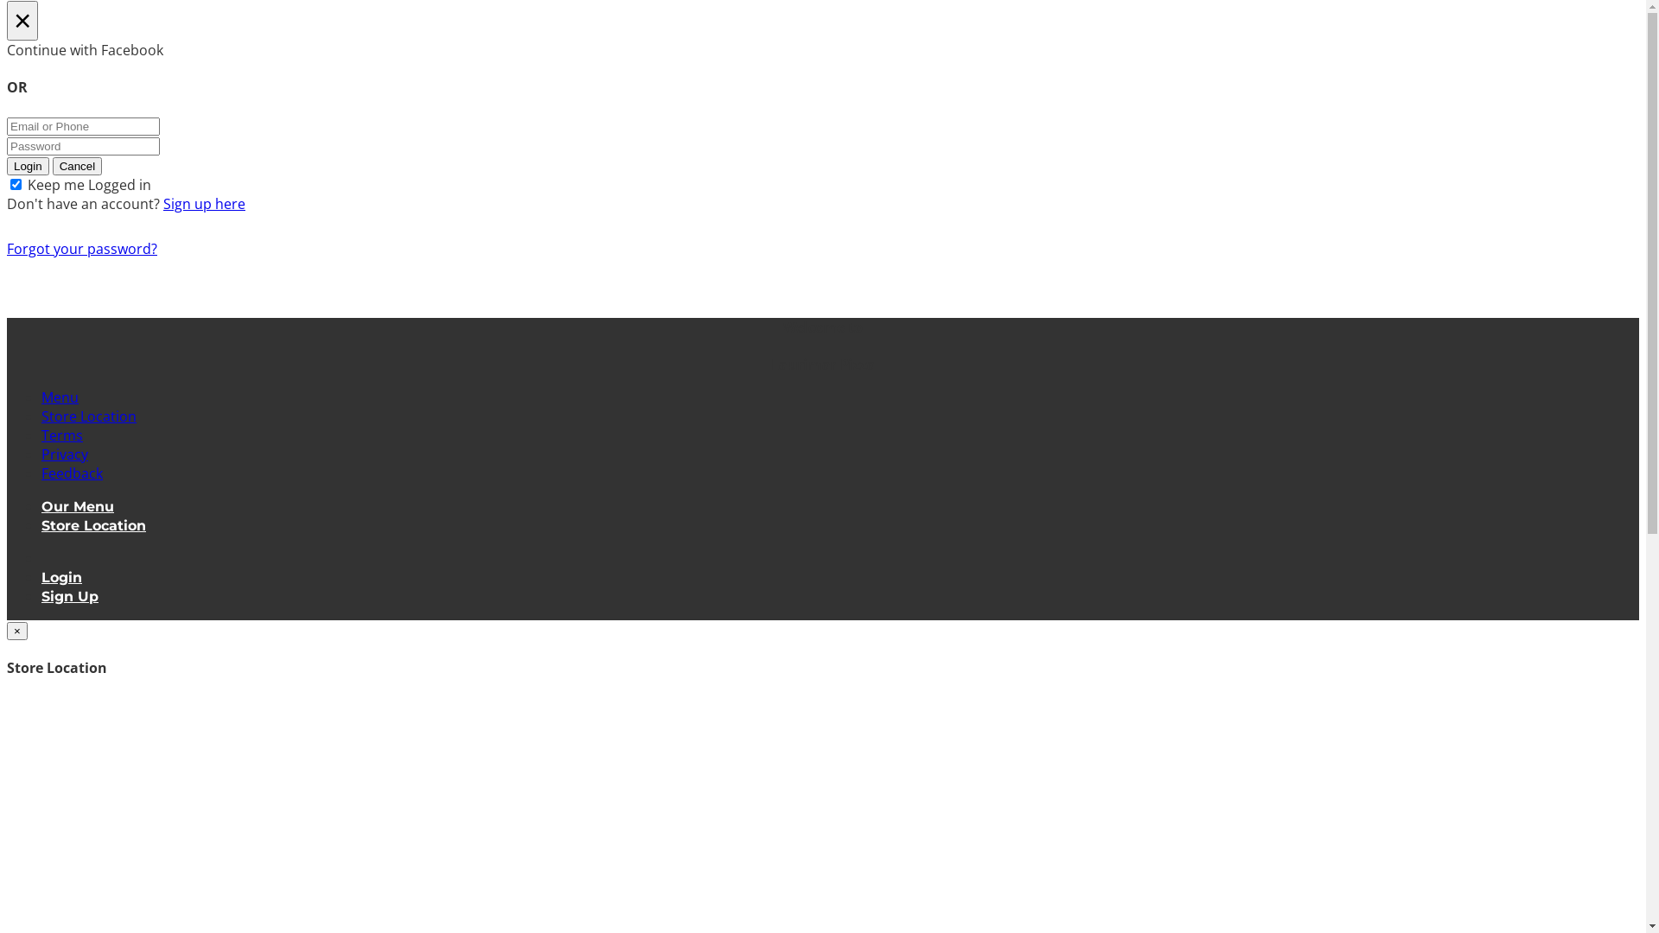 This screenshot has height=933, width=1659. What do you see at coordinates (60, 397) in the screenshot?
I see `'Menu'` at bounding box center [60, 397].